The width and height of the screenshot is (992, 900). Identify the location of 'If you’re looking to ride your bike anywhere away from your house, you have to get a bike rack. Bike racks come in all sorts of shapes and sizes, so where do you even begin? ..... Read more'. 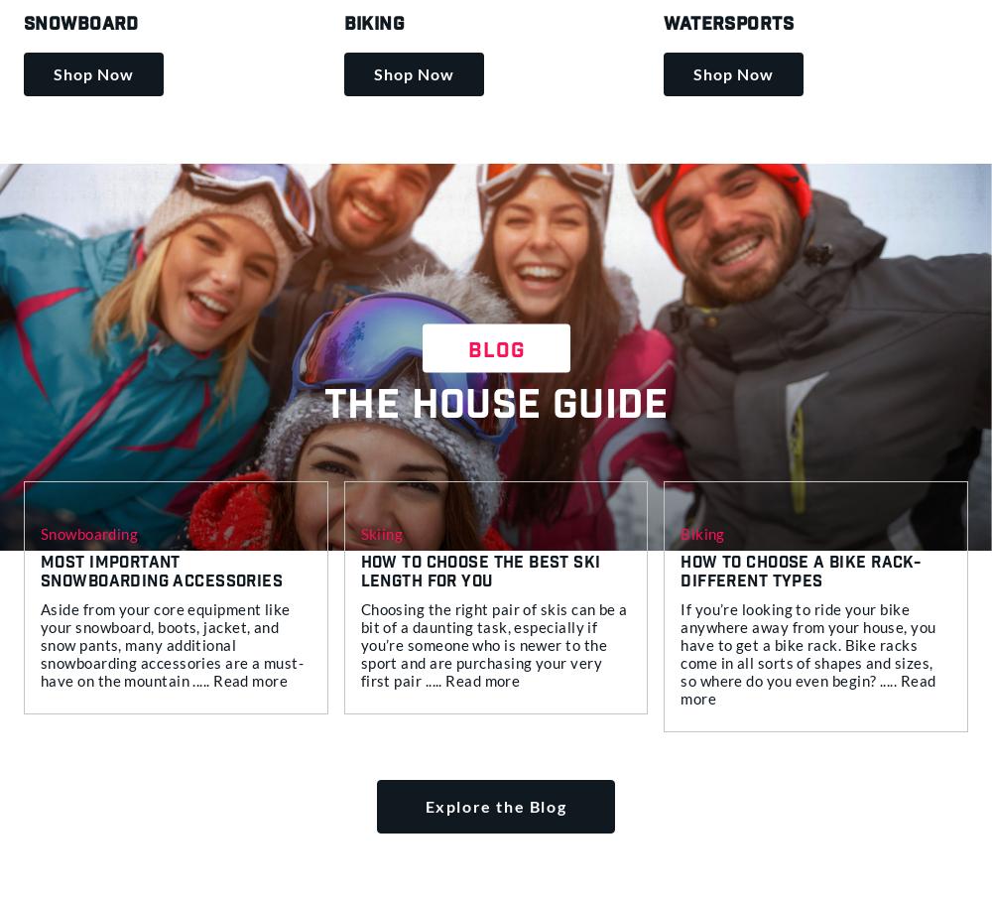
(681, 653).